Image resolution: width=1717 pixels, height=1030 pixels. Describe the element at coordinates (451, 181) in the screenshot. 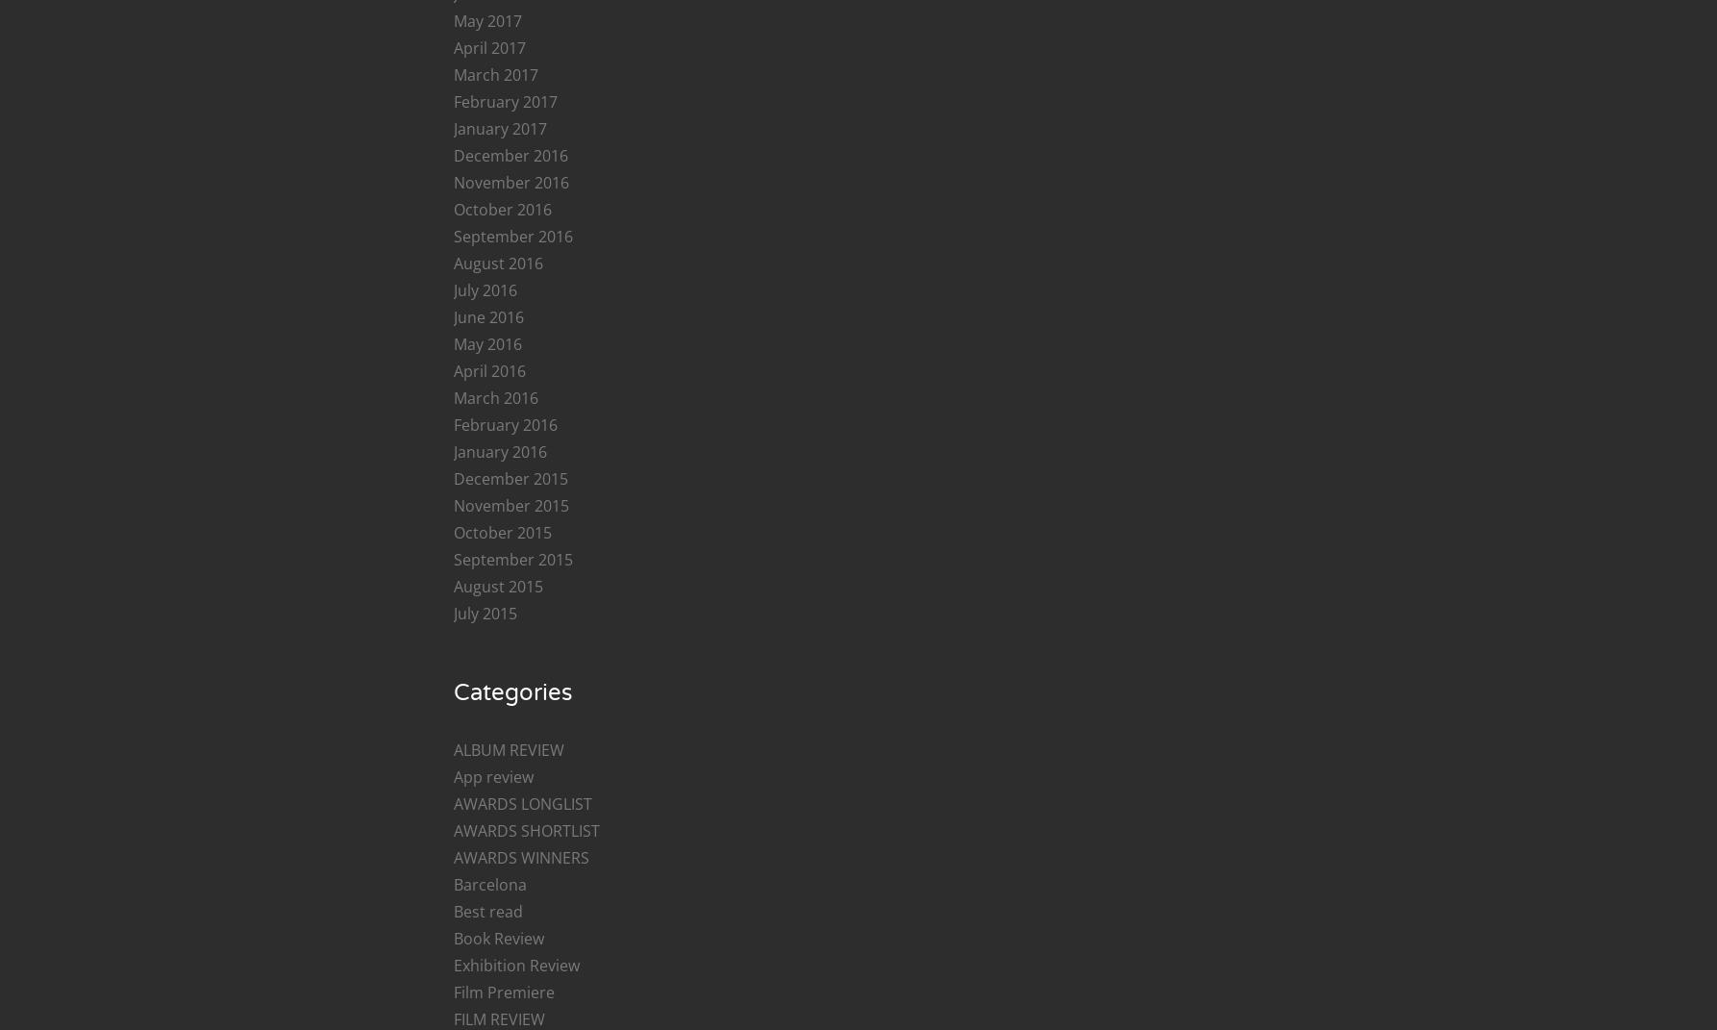

I see `'November 2016'` at that location.